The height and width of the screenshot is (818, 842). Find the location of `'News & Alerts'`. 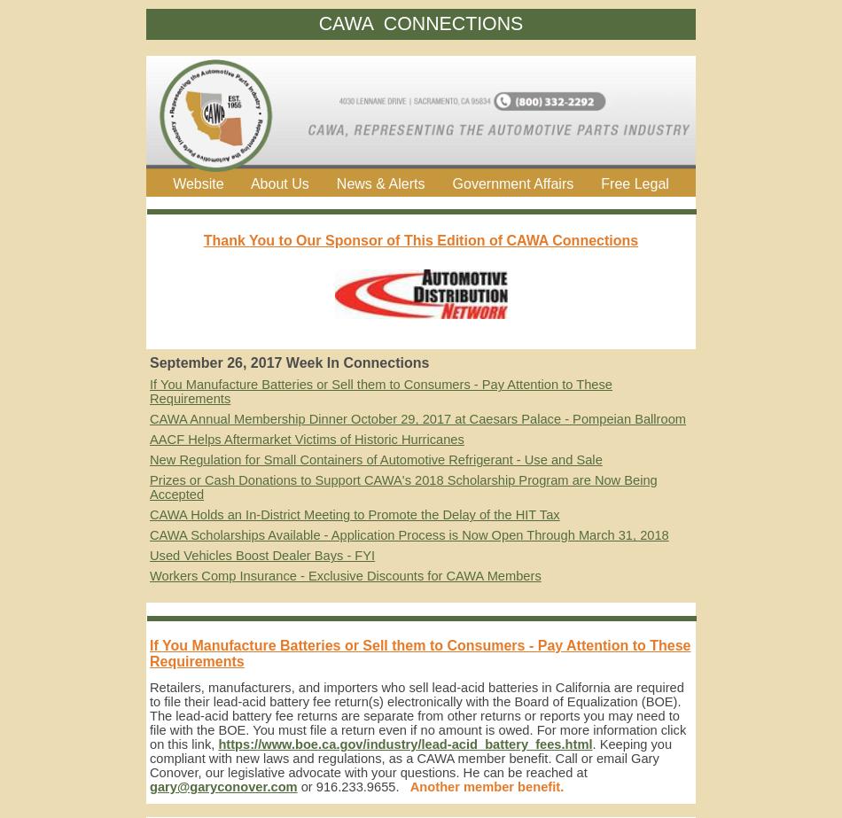

'News & Alerts' is located at coordinates (379, 183).